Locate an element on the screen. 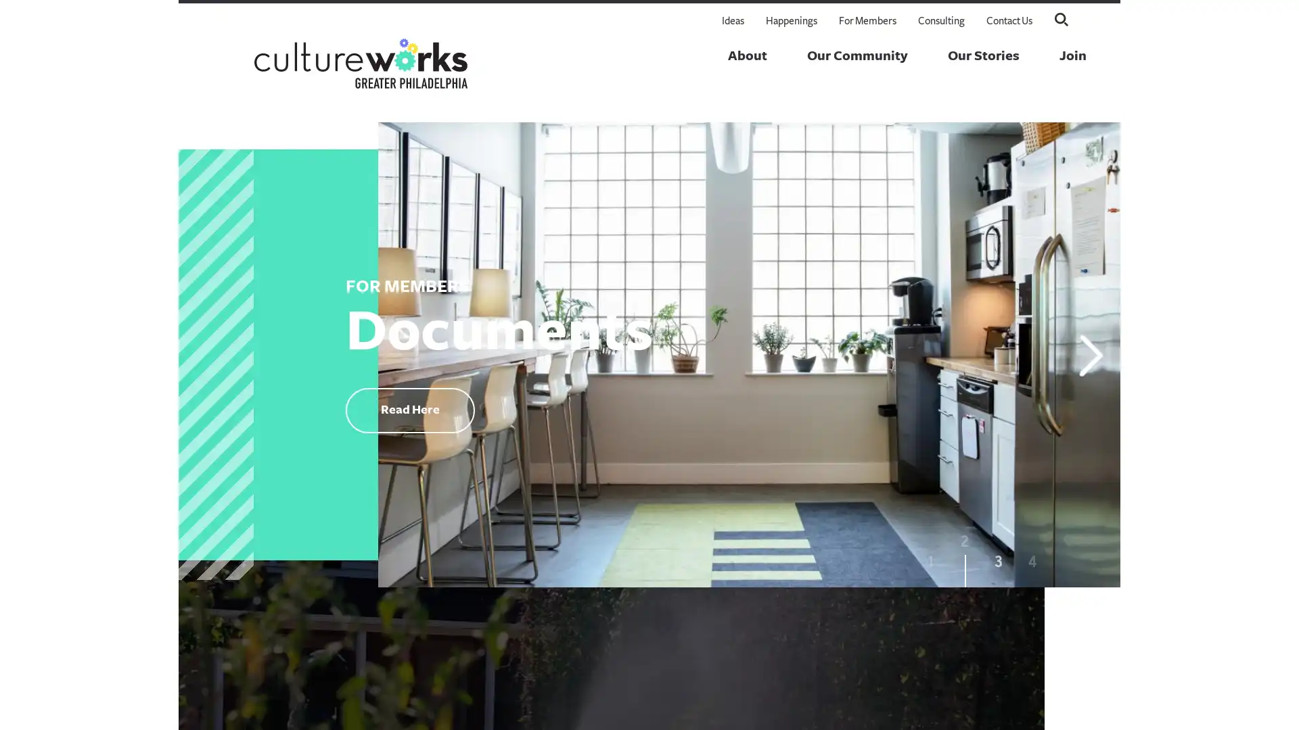  1 is located at coordinates (930, 566).